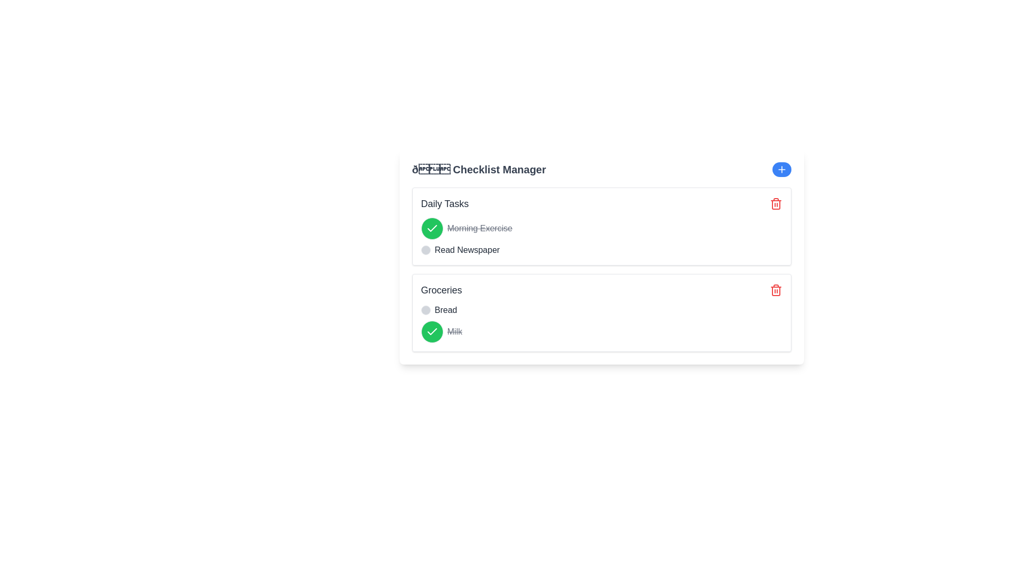 This screenshot has width=1011, height=569. Describe the element at coordinates (432, 228) in the screenshot. I see `the state of the completion icon located within the green circular background for the 'Morning Exercise' task under the 'Daily Tasks' section to check the task status` at that location.